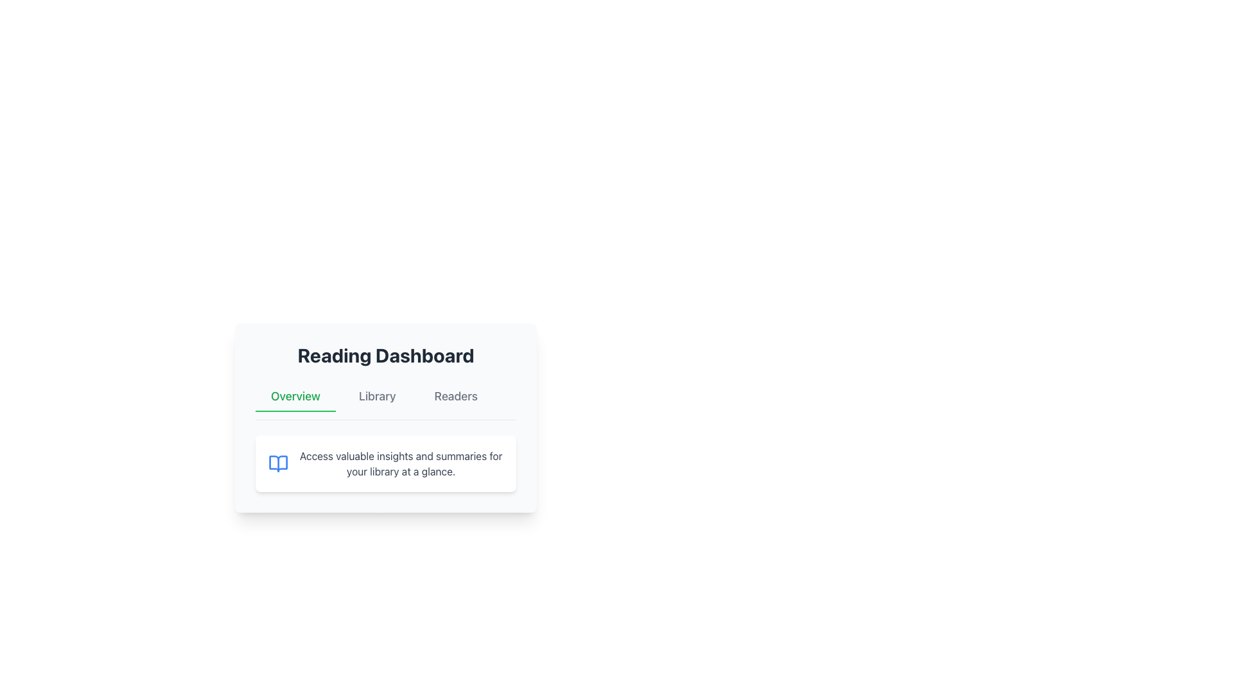 The image size is (1233, 693). What do you see at coordinates (385, 422) in the screenshot?
I see `the navigation tab within the main dashboard interface` at bounding box center [385, 422].